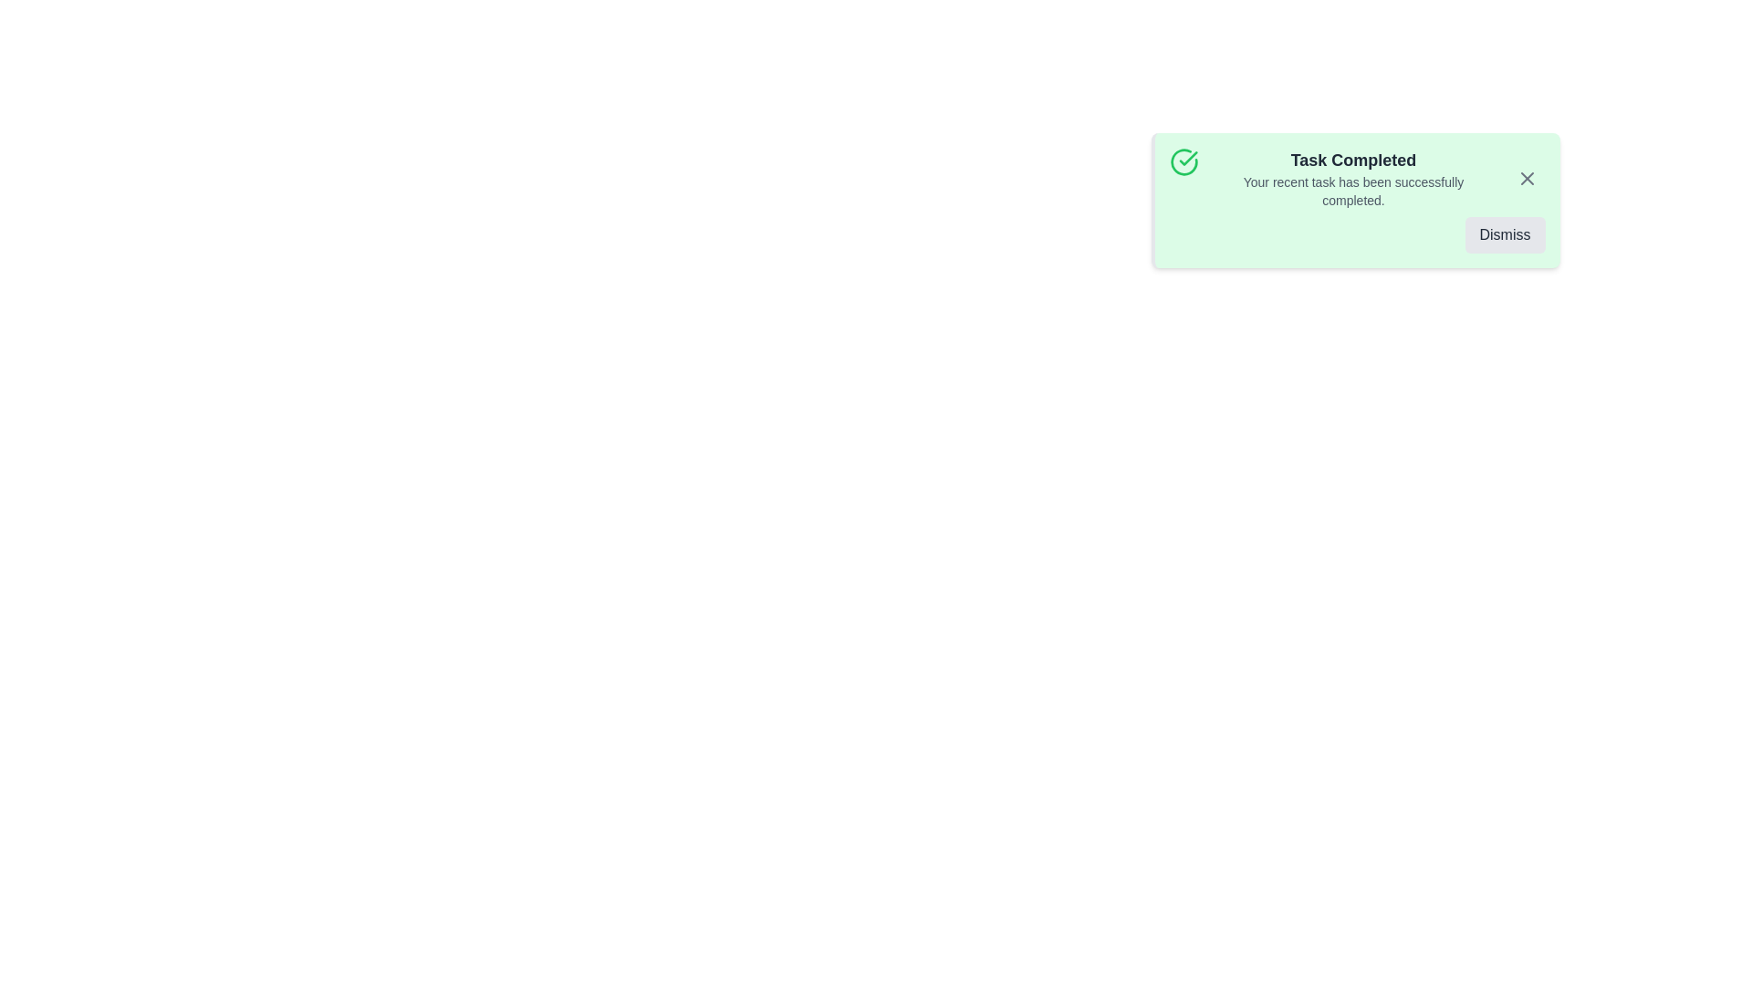 The height and width of the screenshot is (985, 1752). What do you see at coordinates (1527, 179) in the screenshot?
I see `the Close button icon located at the top-right corner of the notification card to provide visual feedback` at bounding box center [1527, 179].